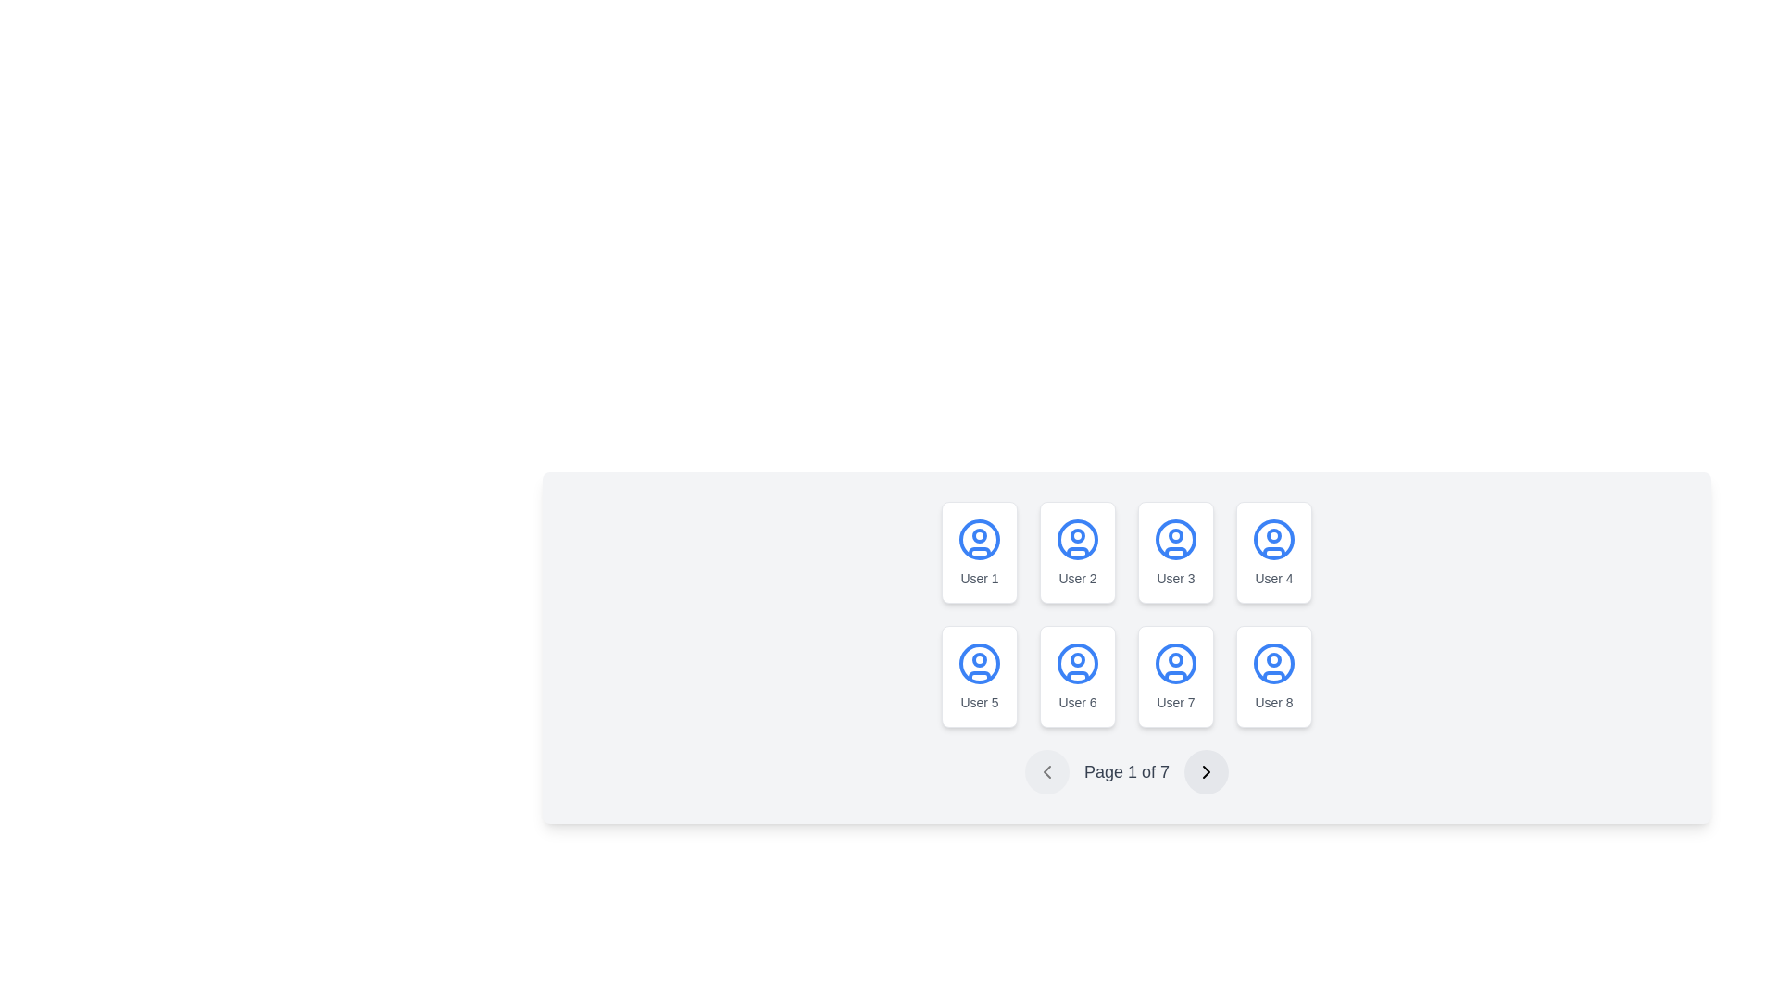 This screenshot has width=1778, height=1000. Describe the element at coordinates (1207, 771) in the screenshot. I see `the right-facing chevron navigation icon located within the circular button to the right of the pagination controls labeled 'Page 1 of 7'` at that location.